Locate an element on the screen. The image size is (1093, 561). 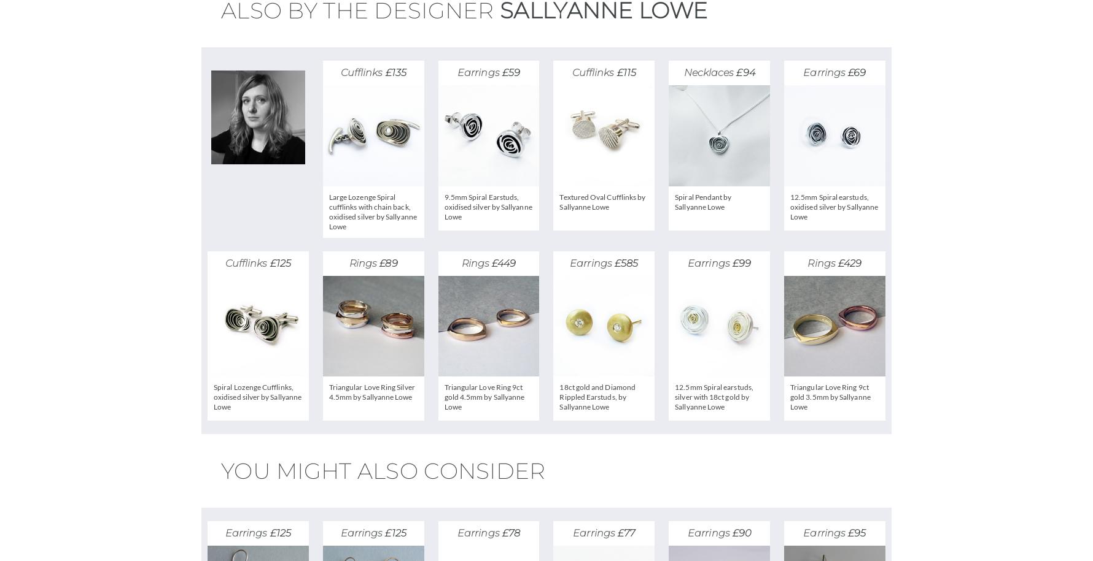
'£429' is located at coordinates (849, 262).